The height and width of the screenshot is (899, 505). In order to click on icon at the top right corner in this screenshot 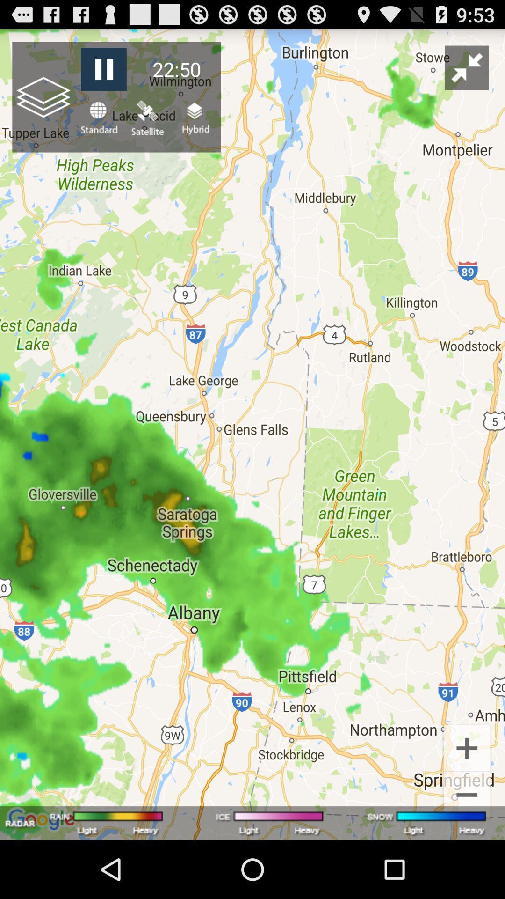, I will do `click(467, 67)`.